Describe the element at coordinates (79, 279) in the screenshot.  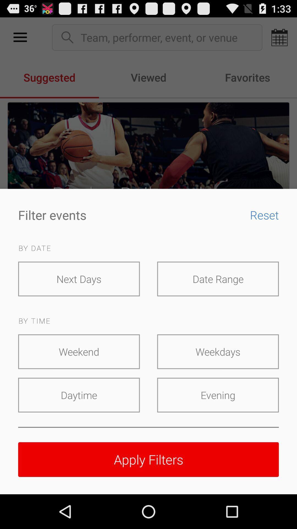
I see `the item to the left of date range item` at that location.